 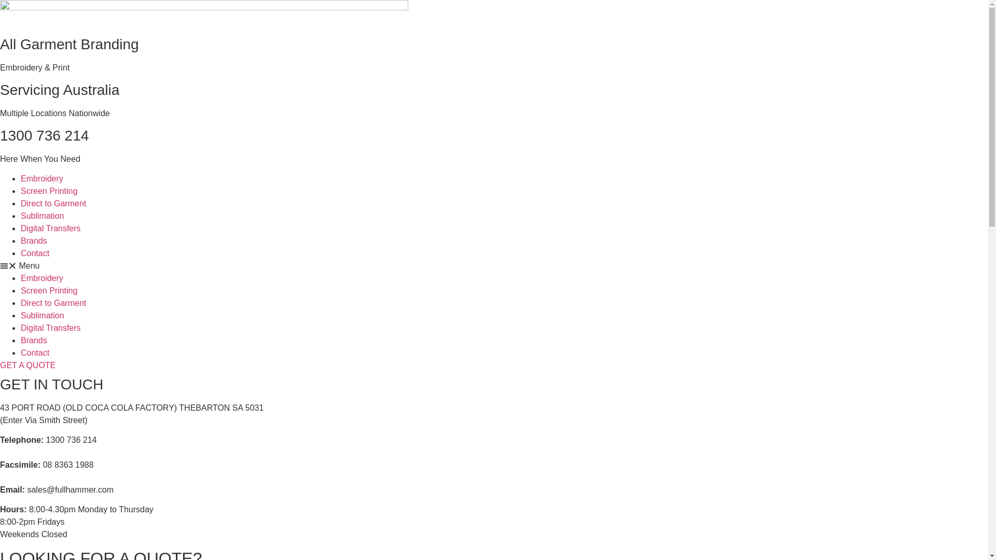 I want to click on 'Contact', so click(x=20, y=253).